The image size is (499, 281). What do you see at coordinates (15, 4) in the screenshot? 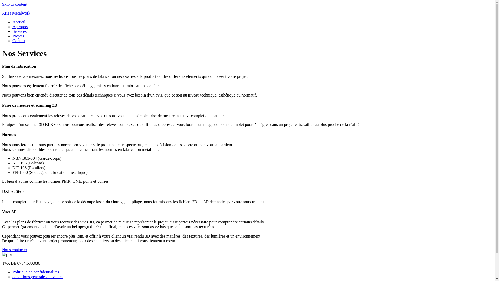
I see `'Skip to content'` at bounding box center [15, 4].